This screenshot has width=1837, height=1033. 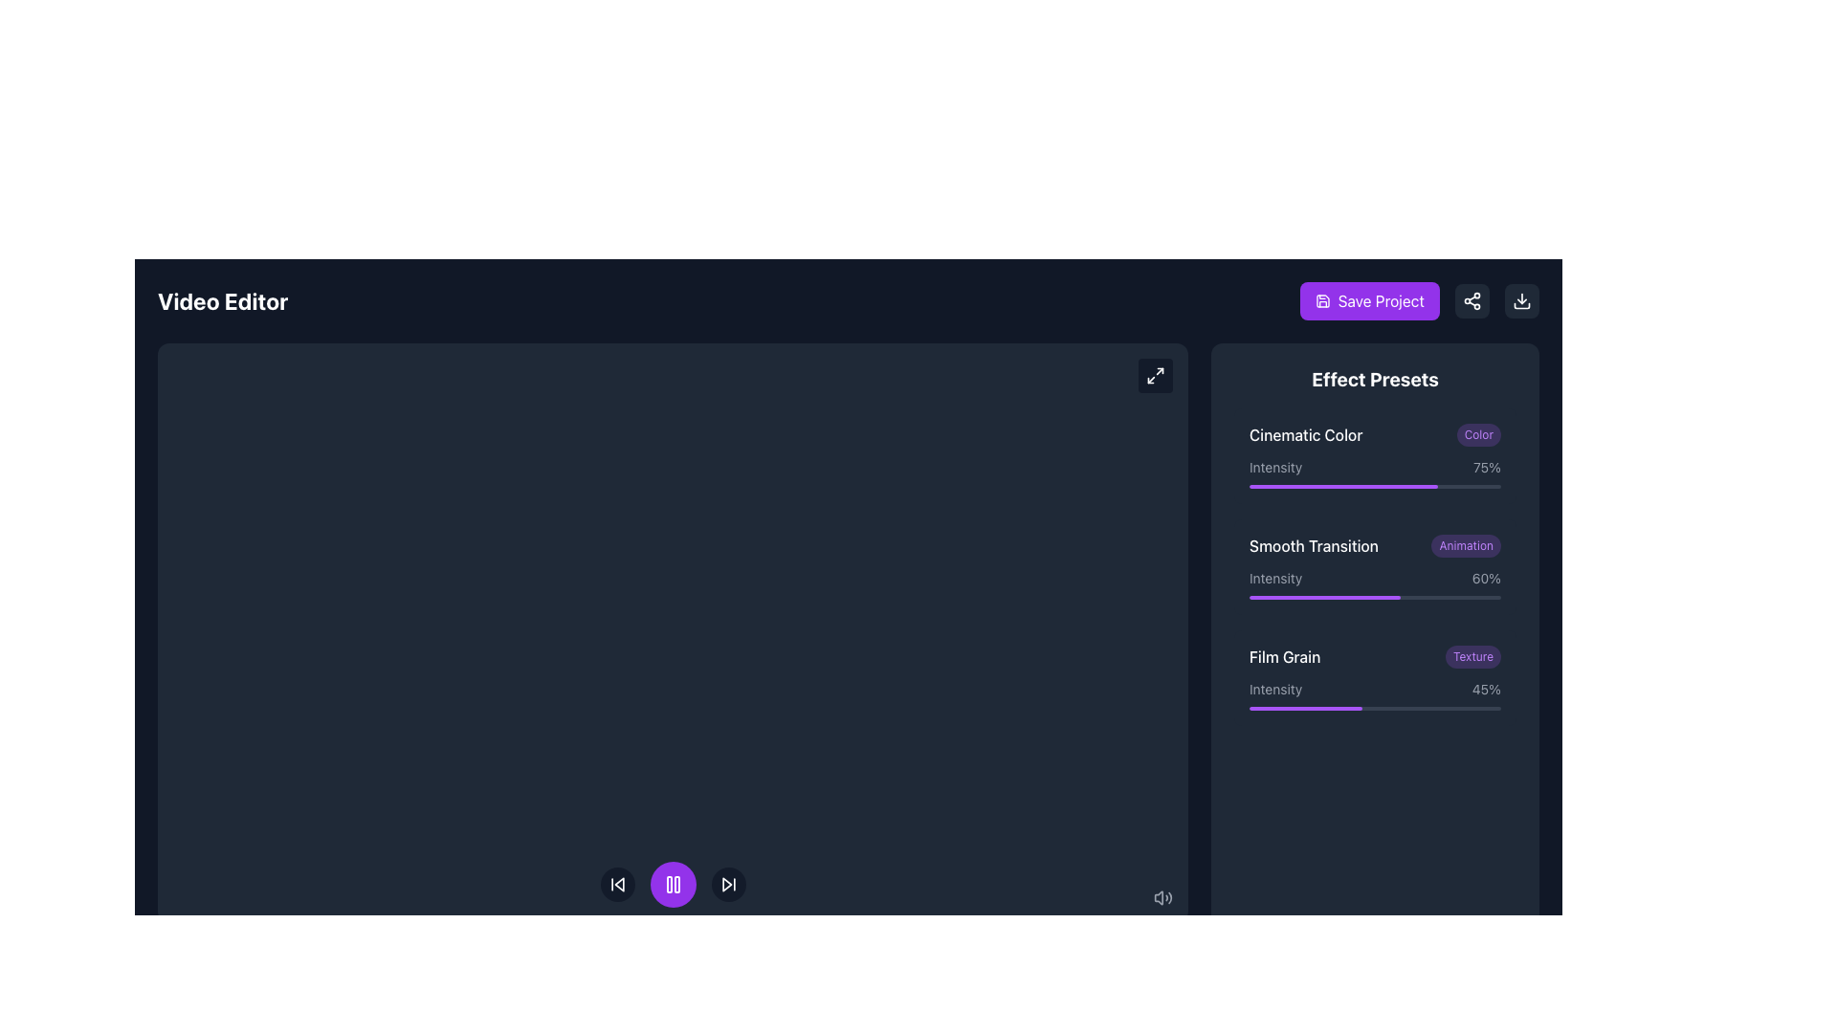 What do you see at coordinates (1321, 301) in the screenshot?
I see `the save icon, which is a graphical representation of a floppy disk located in the top right corner of the interface, to the left of the share icon and next to the 'Save Project' button` at bounding box center [1321, 301].